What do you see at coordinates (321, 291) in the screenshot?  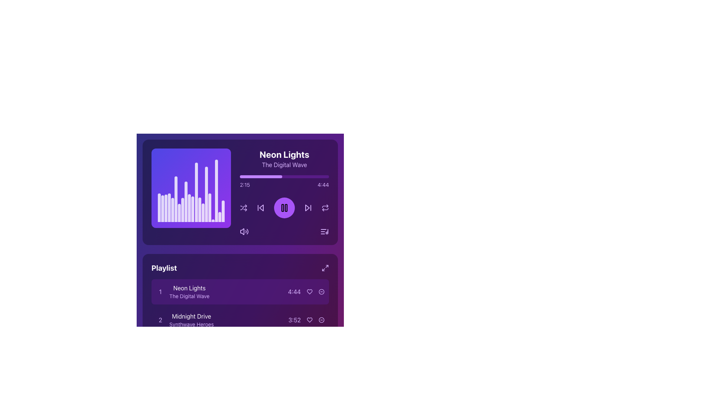 I see `the action button located at the rightmost side of the playlist row, adjacent to the '4:44' text and to the right of the song title 'Neon Lights'` at bounding box center [321, 291].